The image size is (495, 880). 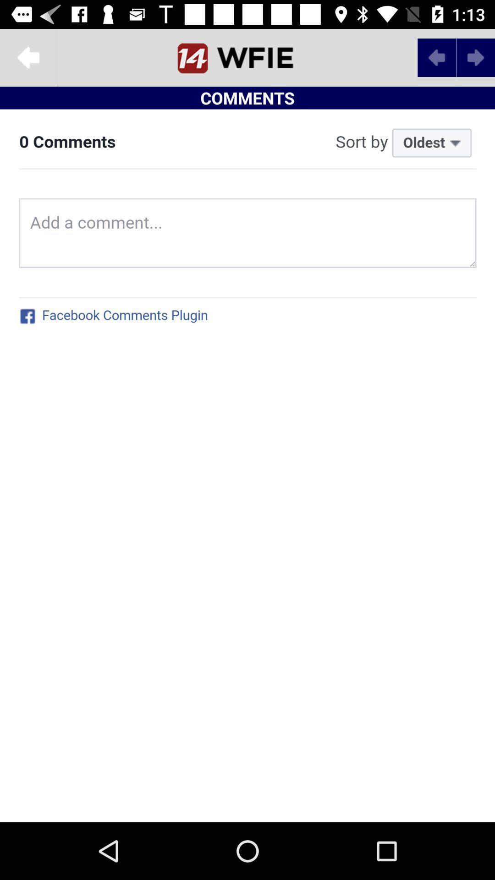 I want to click on next, so click(x=436, y=57).